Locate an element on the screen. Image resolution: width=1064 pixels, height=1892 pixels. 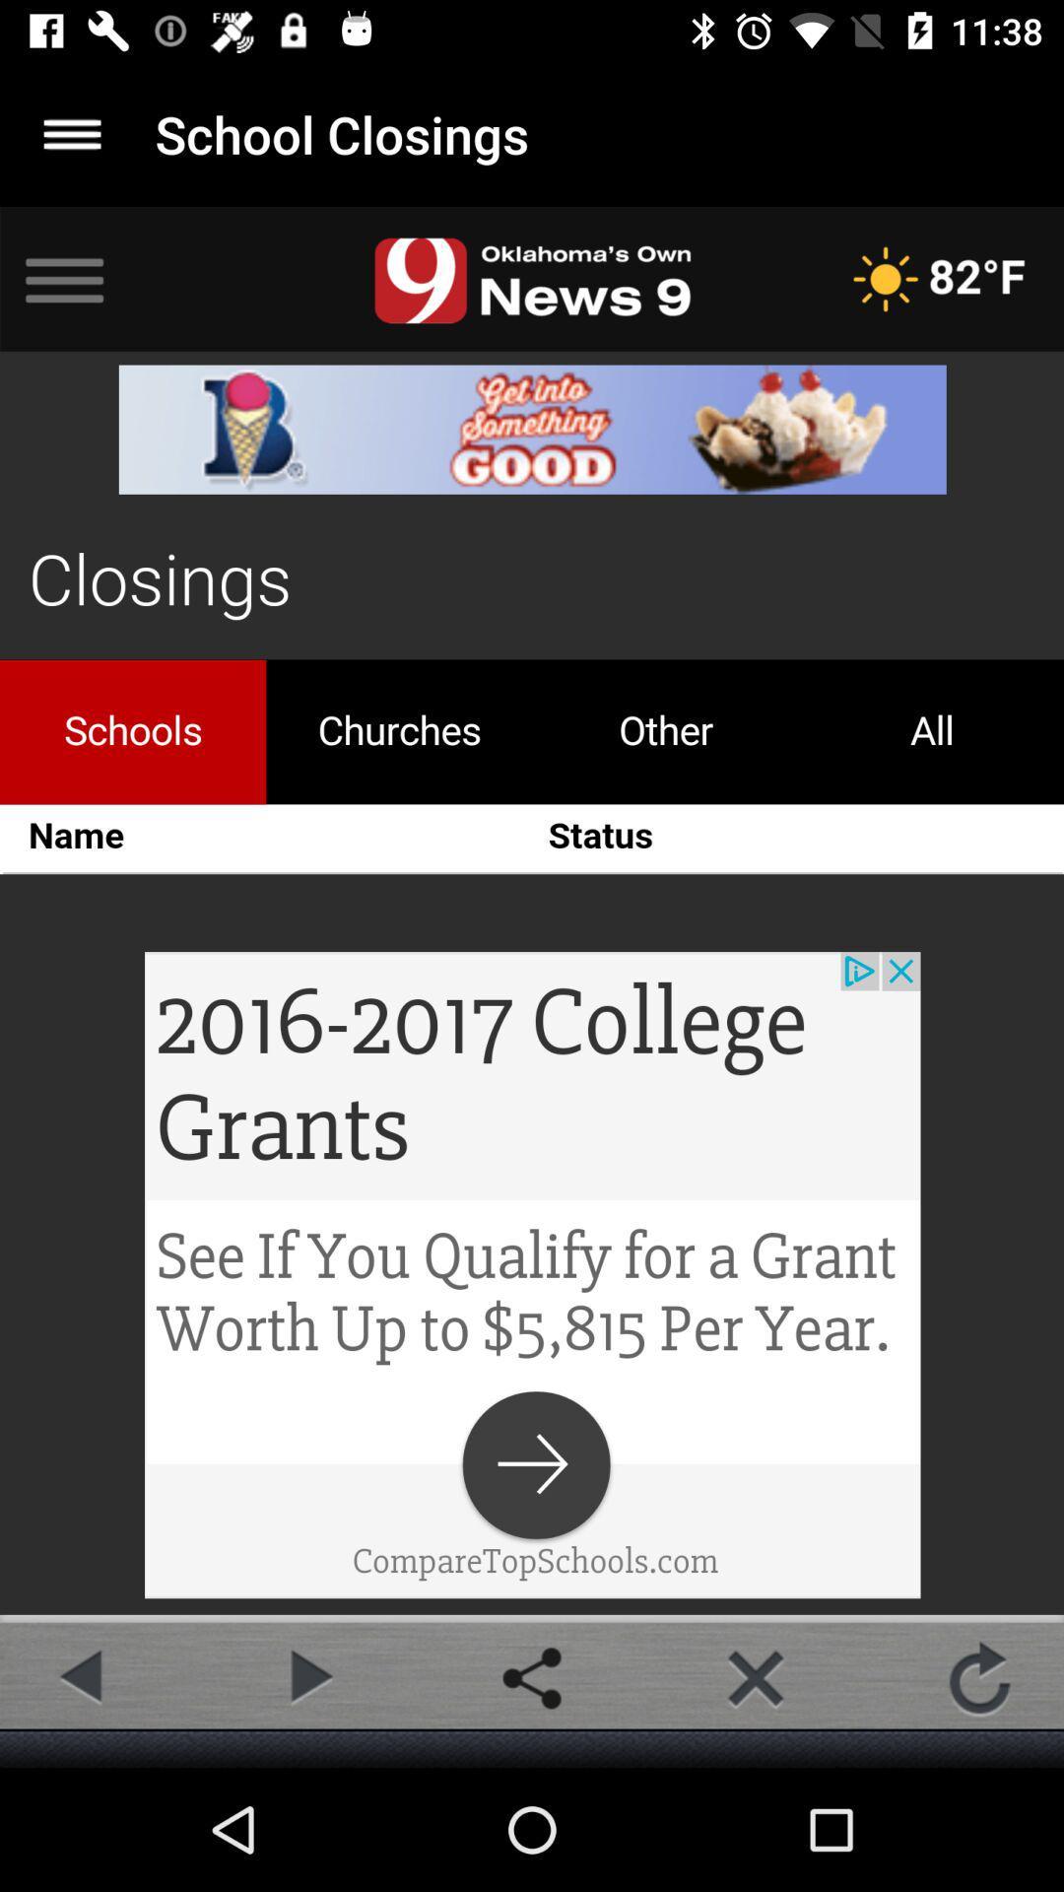
menu is located at coordinates (71, 133).